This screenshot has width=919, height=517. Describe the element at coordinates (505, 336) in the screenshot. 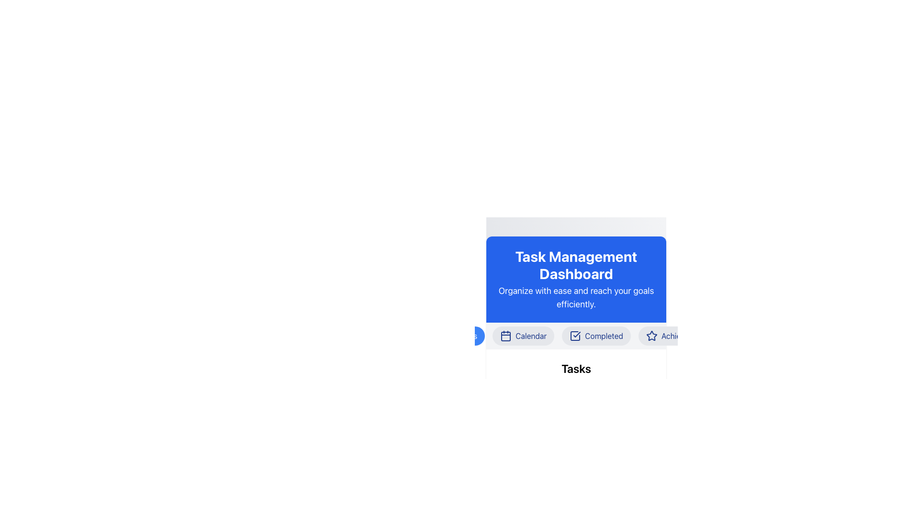

I see `the rounded square shape that serves as part of the calendar icon located near the top-right region of the interface` at that location.